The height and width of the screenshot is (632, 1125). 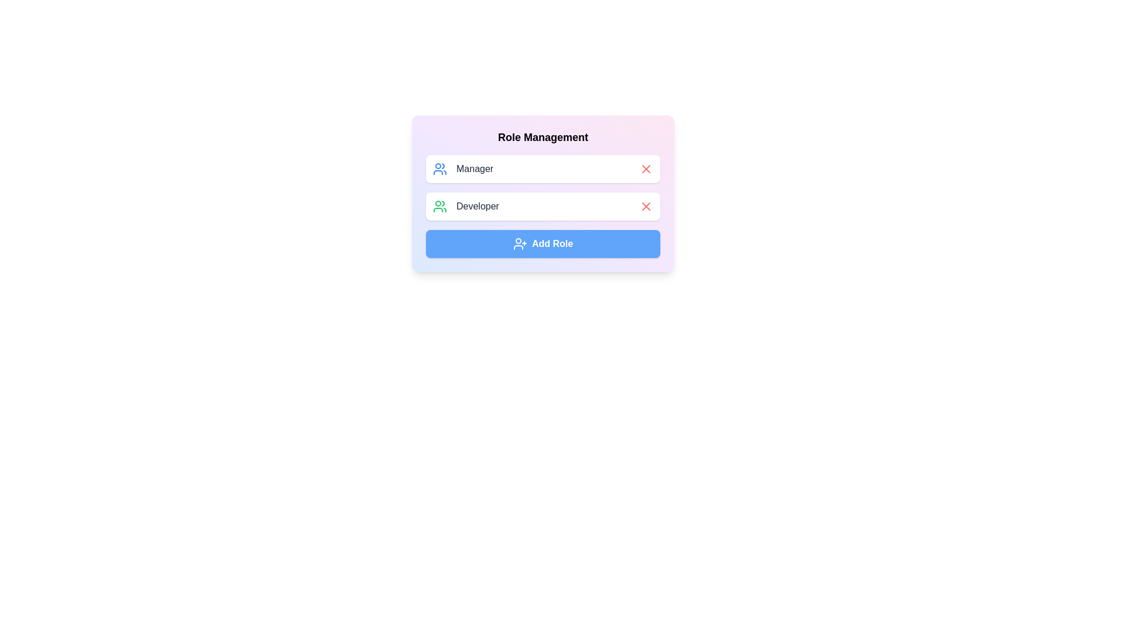 What do you see at coordinates (646, 169) in the screenshot?
I see `'X' button next to Manager to remove it` at bounding box center [646, 169].